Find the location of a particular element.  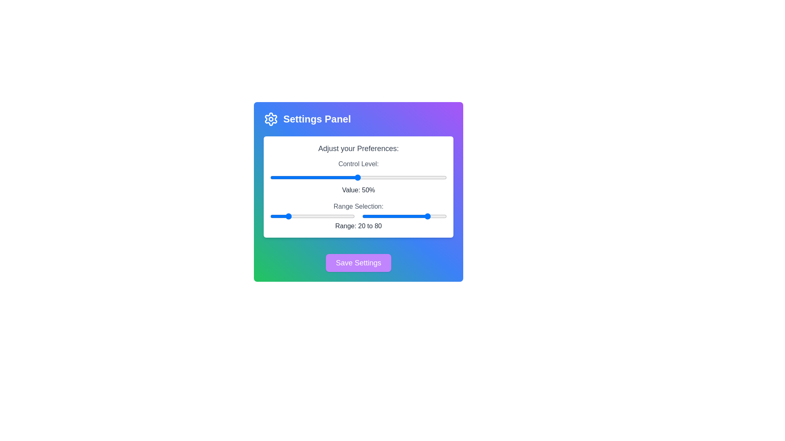

the slider is located at coordinates (428, 216).